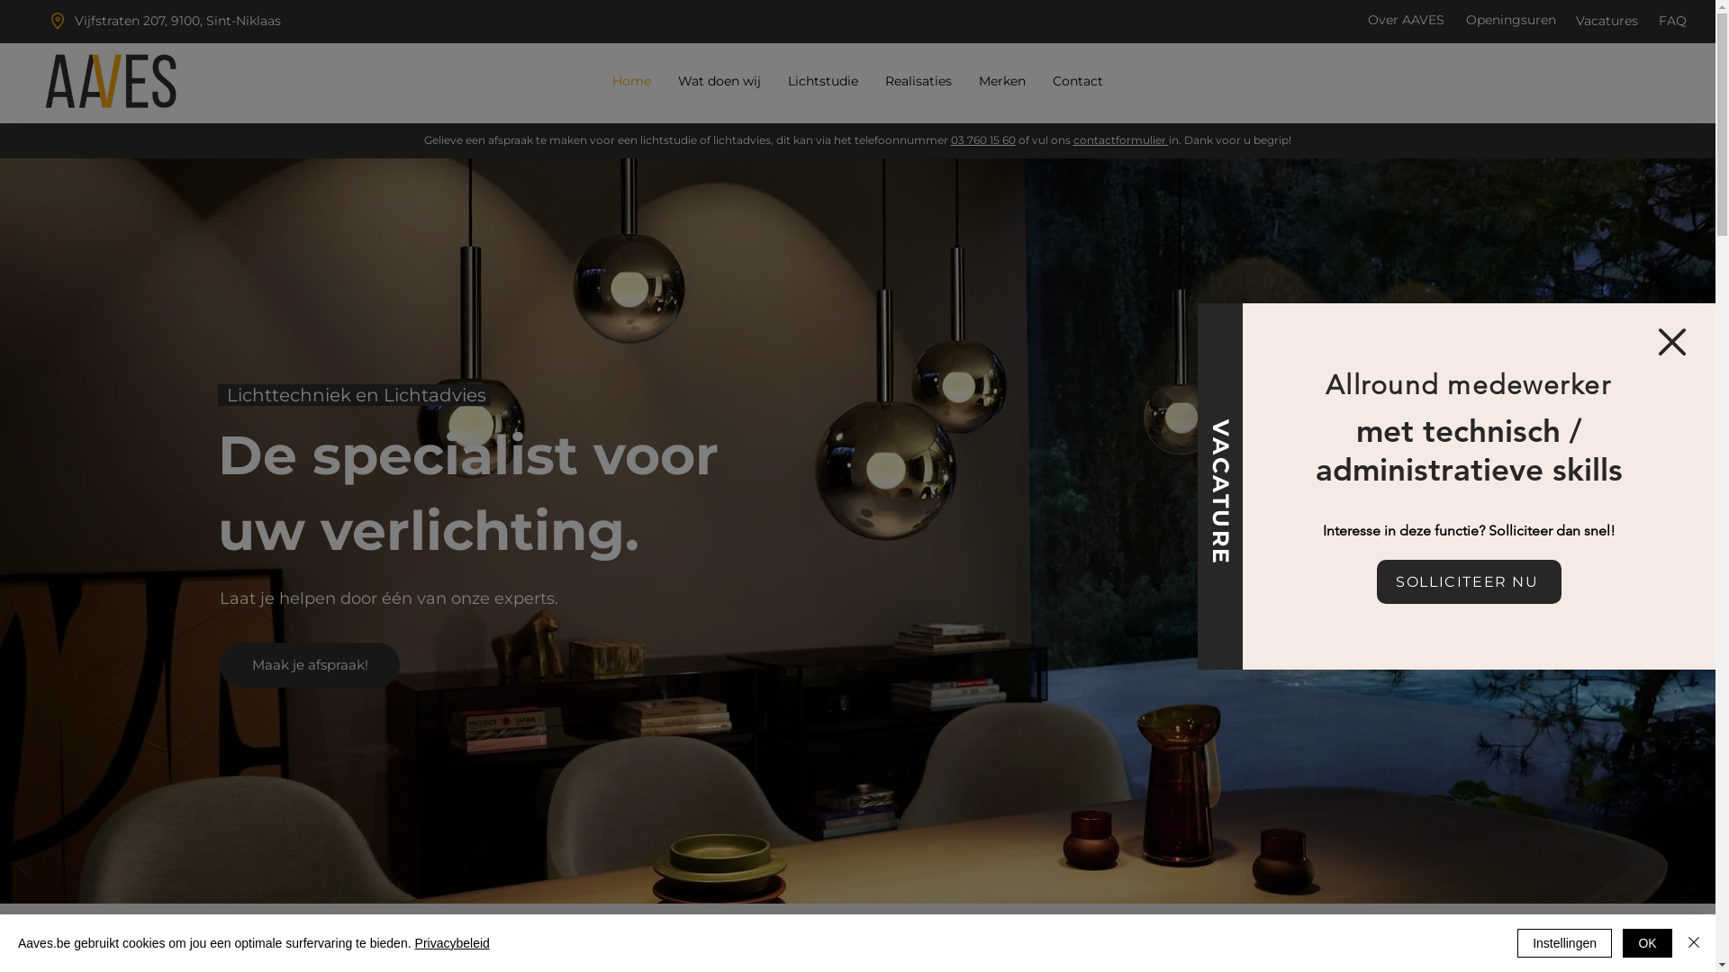 This screenshot has height=972, width=1729. I want to click on 'Merken', so click(1001, 81).